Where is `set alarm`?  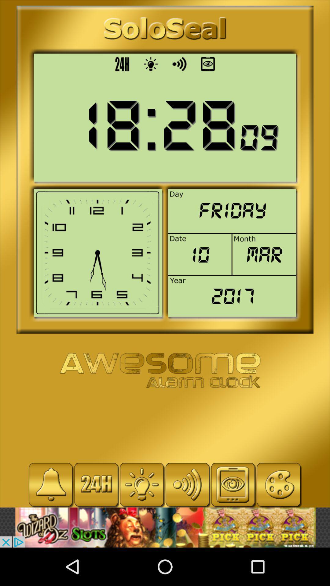 set alarm is located at coordinates (50, 484).